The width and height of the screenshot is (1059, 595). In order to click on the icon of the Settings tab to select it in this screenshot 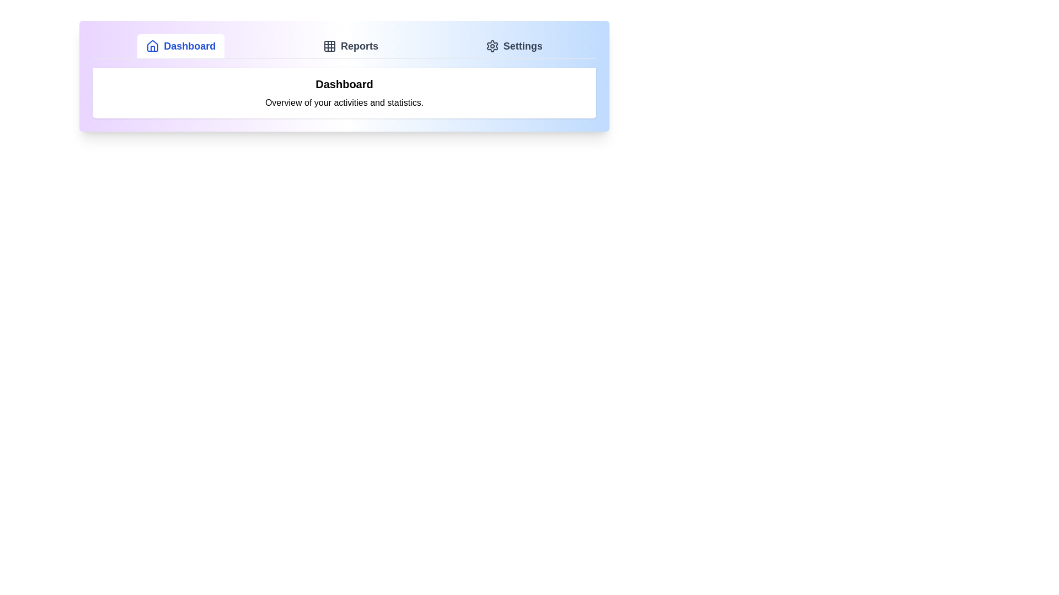, I will do `click(491, 46)`.